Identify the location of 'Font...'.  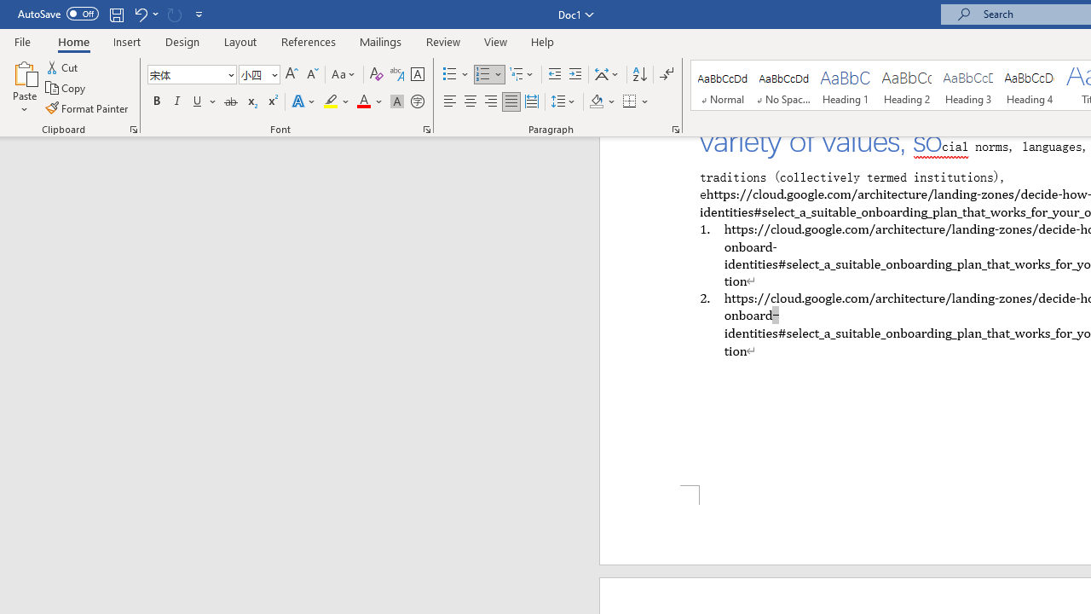
(427, 128).